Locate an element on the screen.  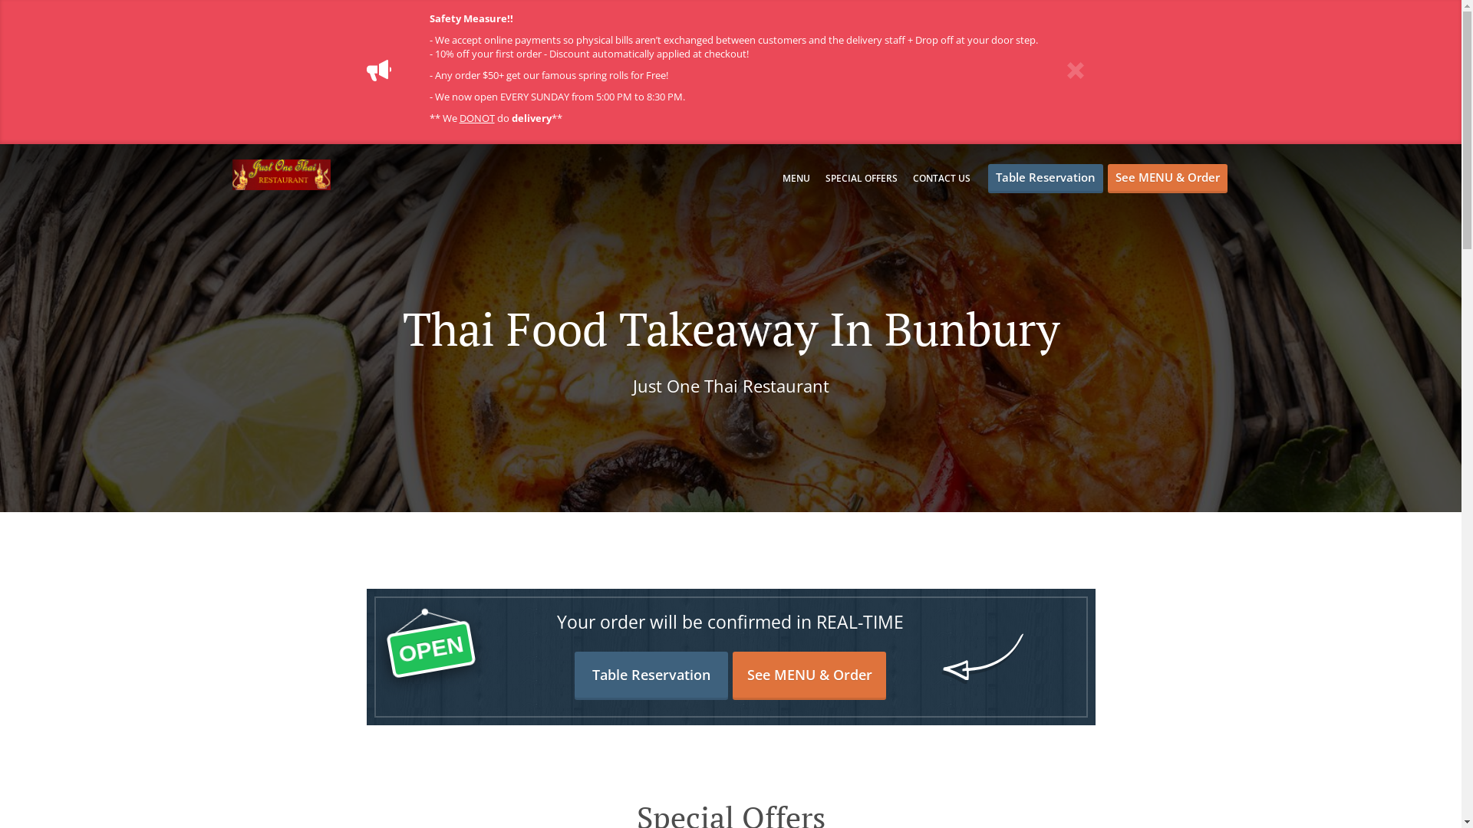
'SPECIAL OFFERS' is located at coordinates (862, 177).